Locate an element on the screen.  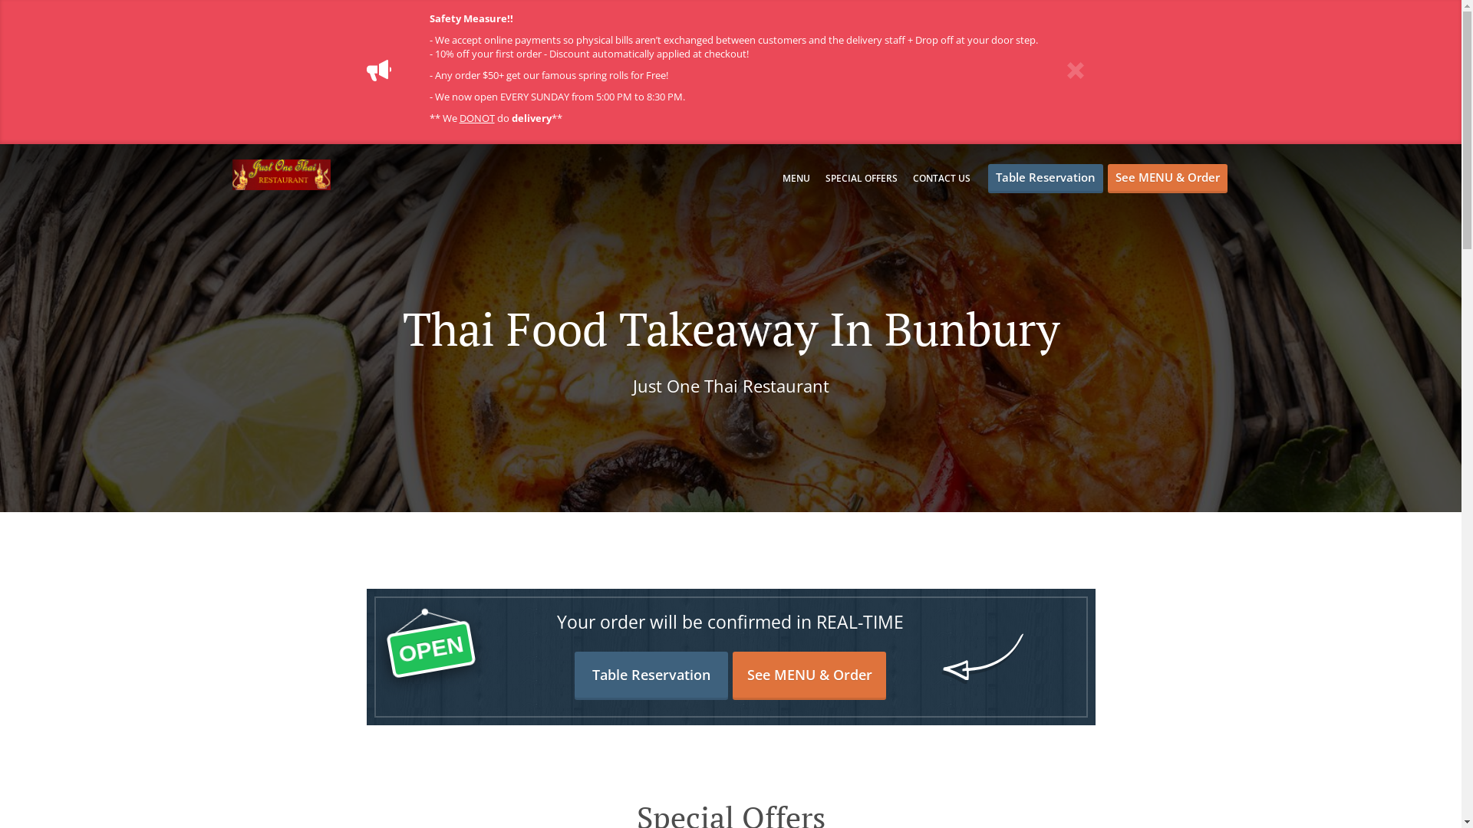
'SPECIAL OFFERS' is located at coordinates (862, 177).